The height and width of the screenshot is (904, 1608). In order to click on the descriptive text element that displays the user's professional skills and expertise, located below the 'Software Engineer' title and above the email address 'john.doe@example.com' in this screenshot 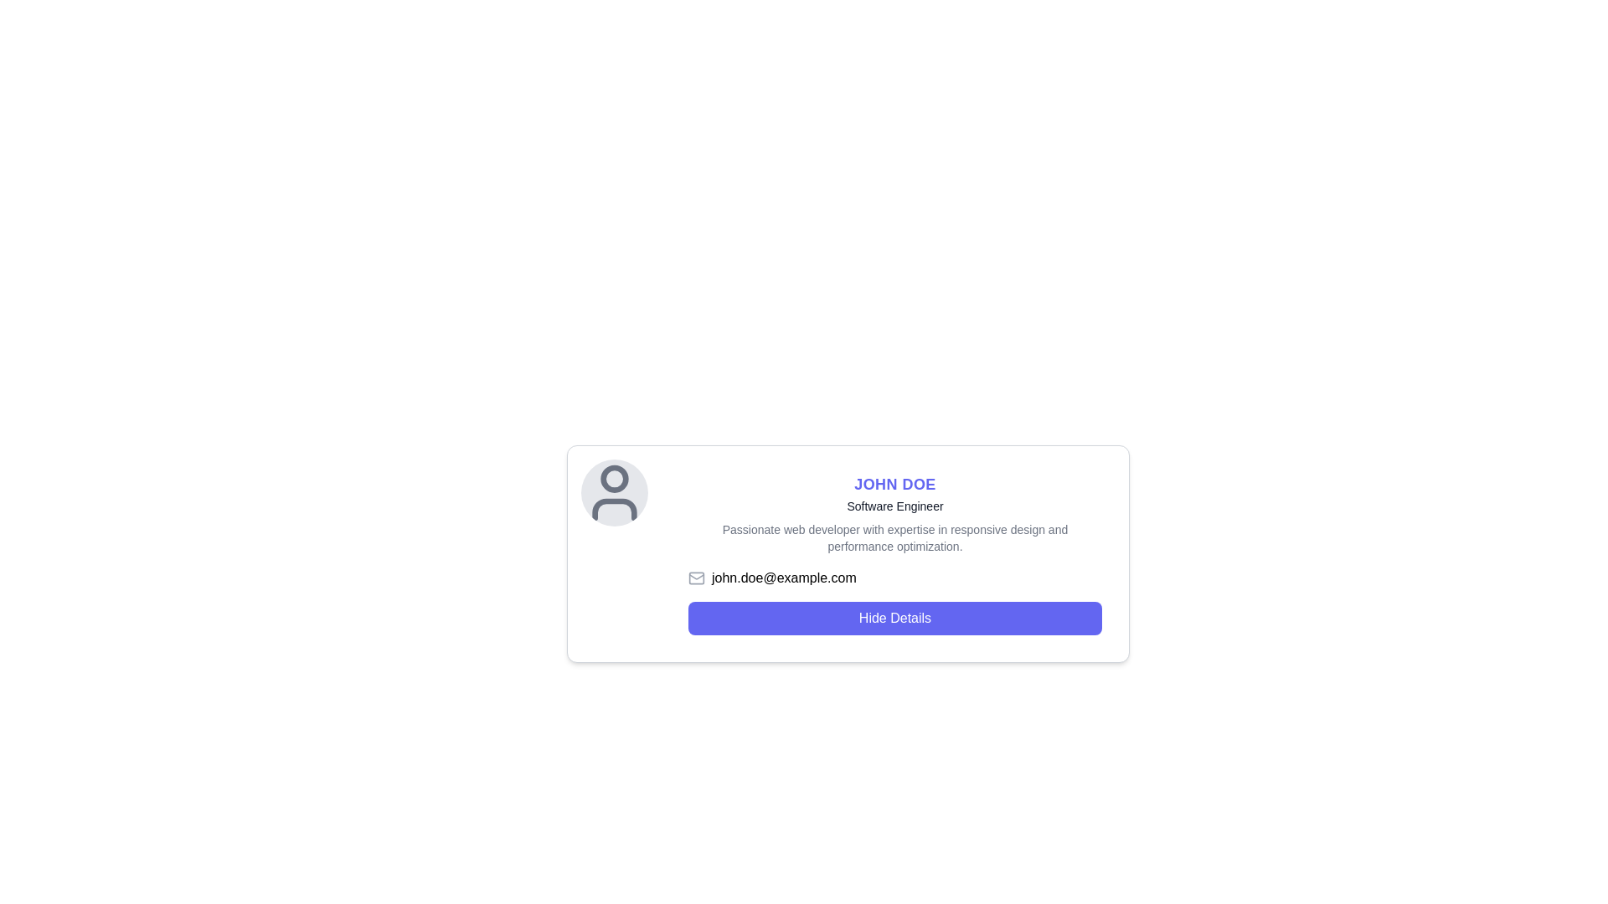, I will do `click(894, 537)`.